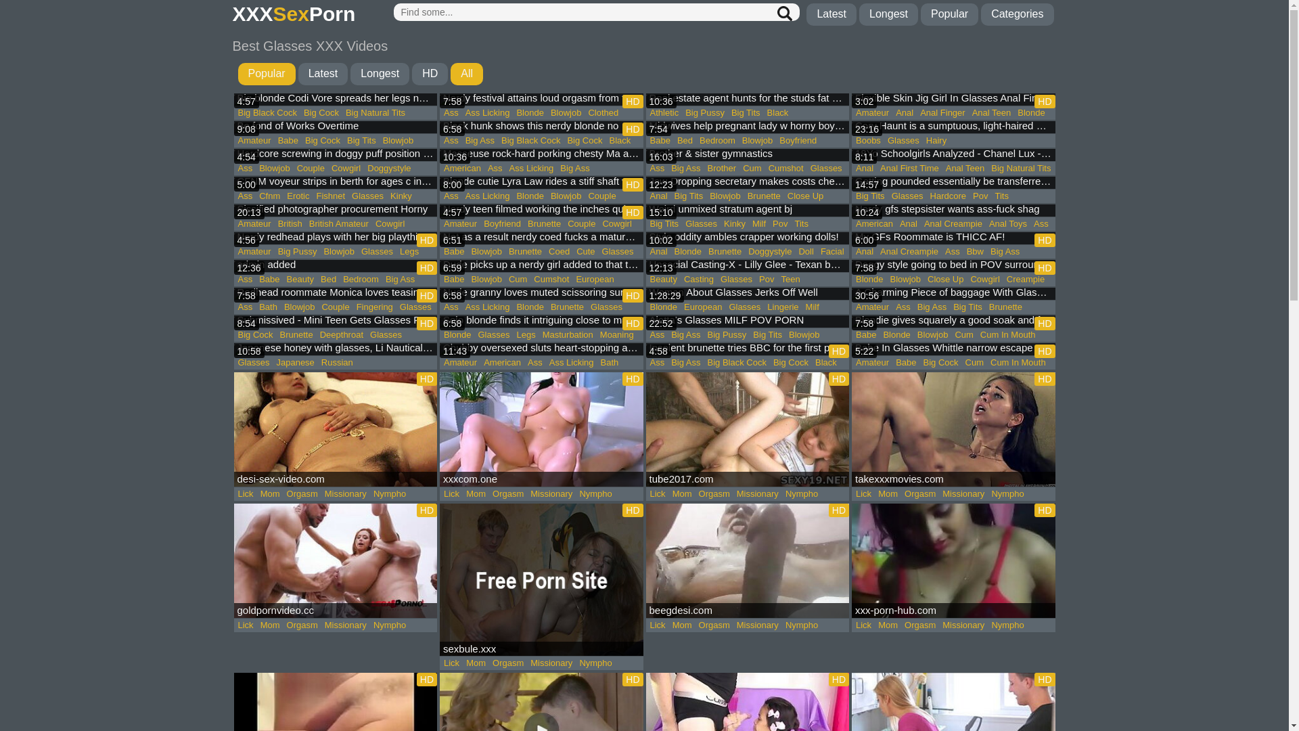 The width and height of the screenshot is (1299, 731). Describe the element at coordinates (233, 307) in the screenshot. I see `'Ass'` at that location.